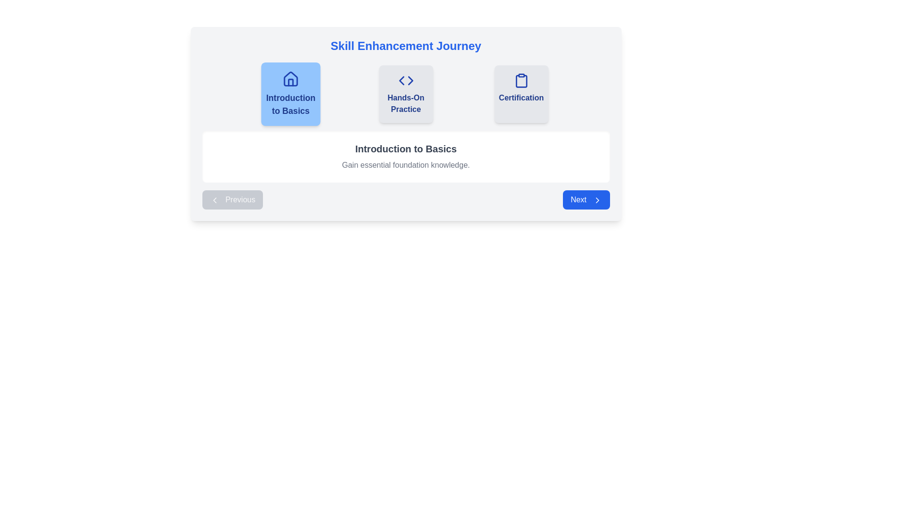  I want to click on the text label or heading labeled 'Introduction to Basics', which is prominently displayed in the central part of the interface, above the smaller gray text and below clickable icons, so click(406, 148).